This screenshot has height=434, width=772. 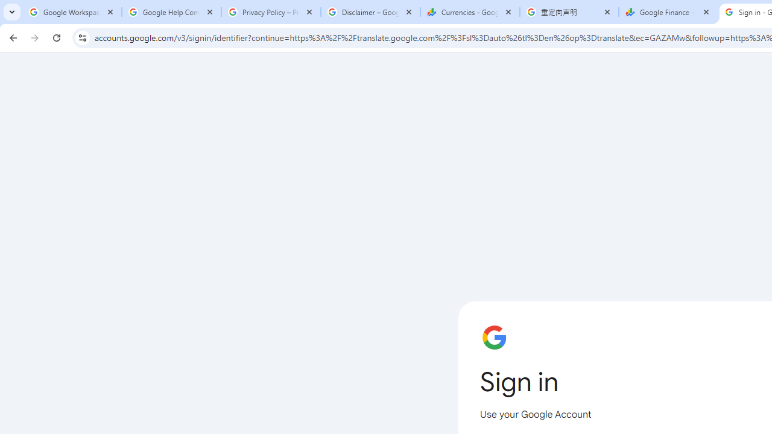 What do you see at coordinates (469, 12) in the screenshot?
I see `'Currencies - Google Finance'` at bounding box center [469, 12].